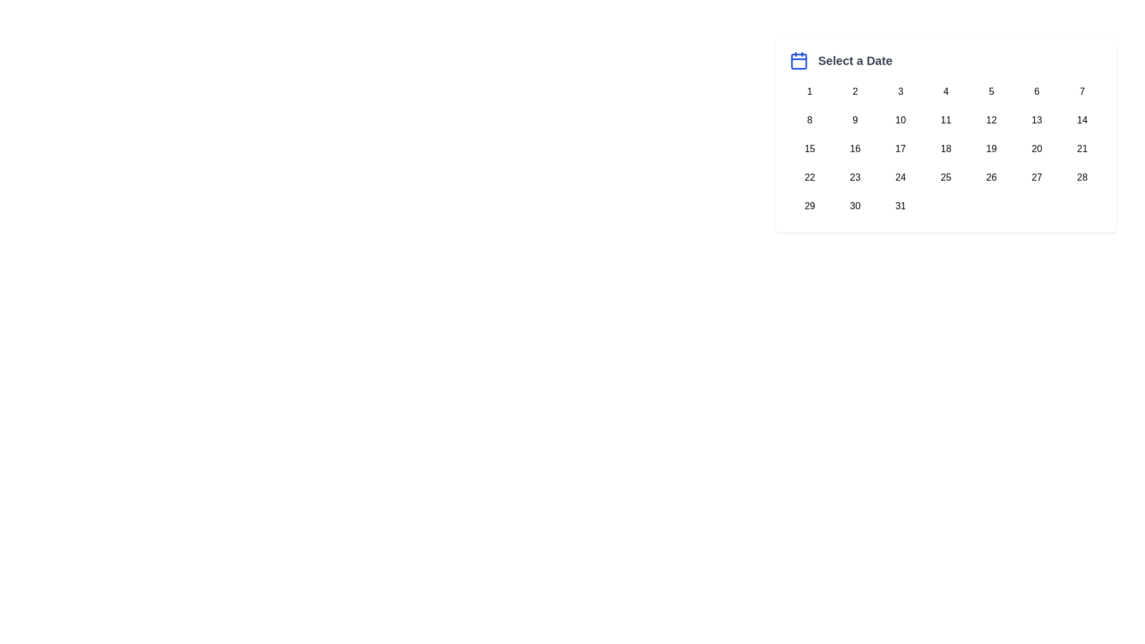  What do you see at coordinates (991, 177) in the screenshot?
I see `the button displaying the number '26' in the calendar grid` at bounding box center [991, 177].